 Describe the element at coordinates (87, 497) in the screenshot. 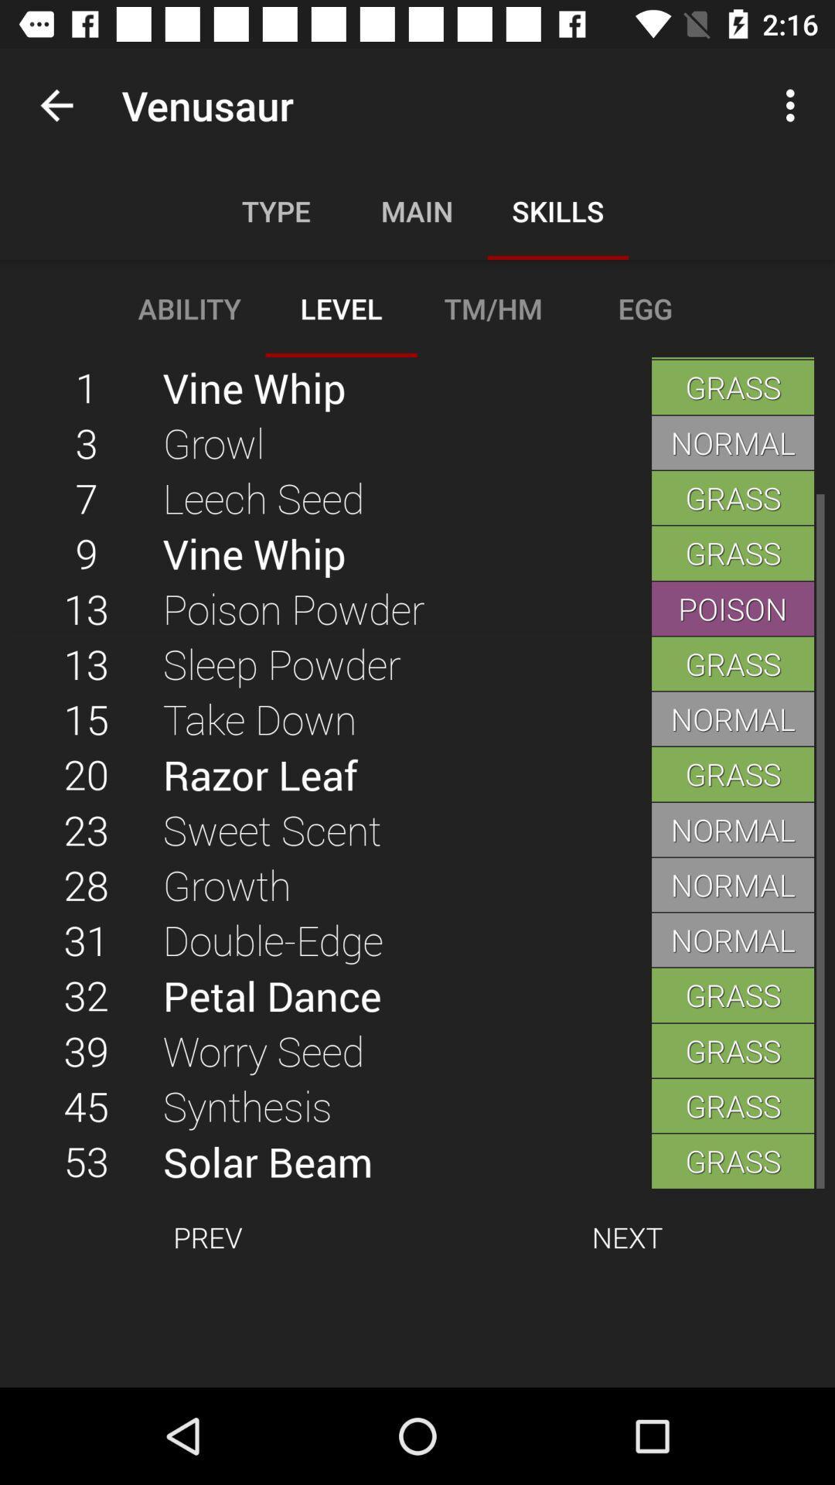

I see `icon to the left of the growl item` at that location.